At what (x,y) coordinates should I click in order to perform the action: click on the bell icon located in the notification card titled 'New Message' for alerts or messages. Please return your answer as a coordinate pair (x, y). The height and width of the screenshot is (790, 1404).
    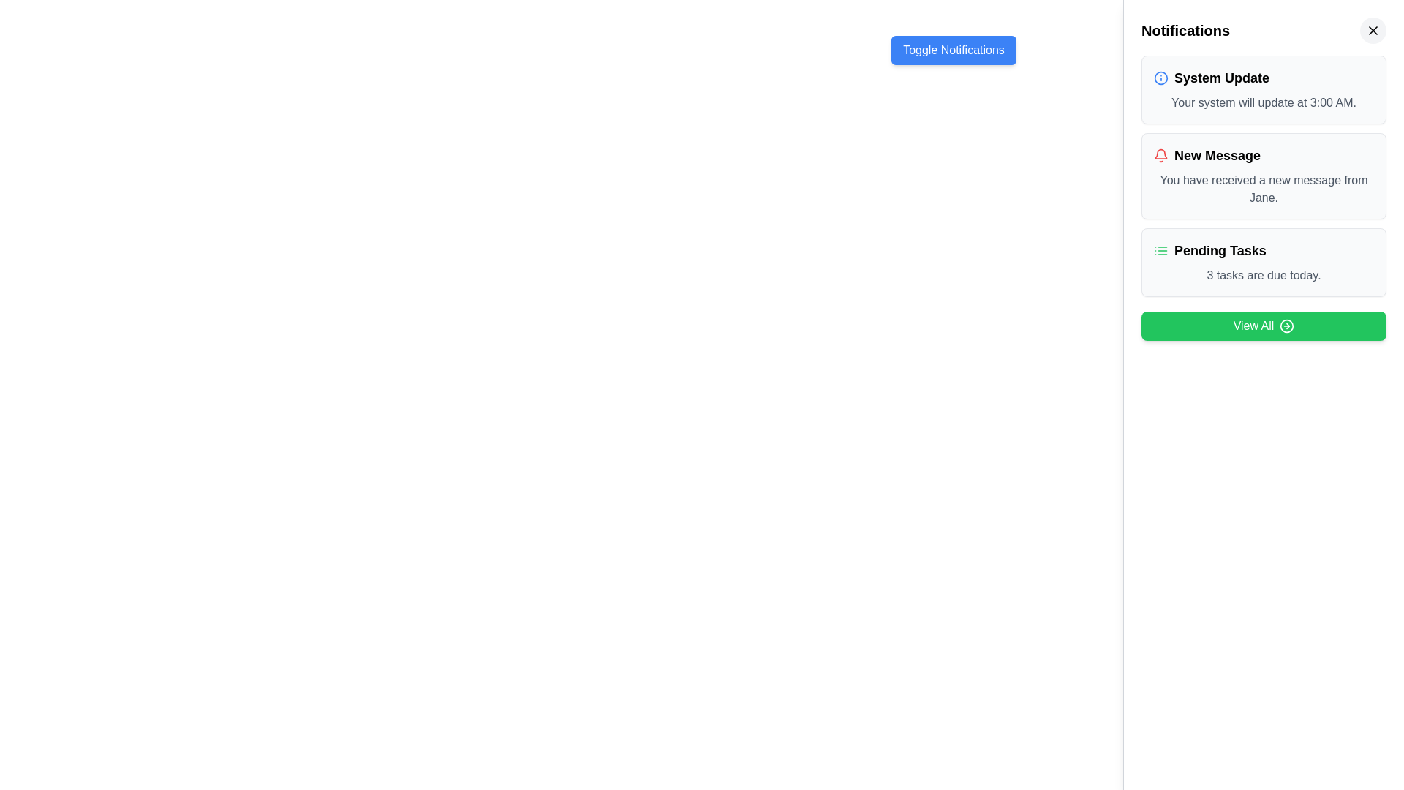
    Looking at the image, I should click on (1160, 155).